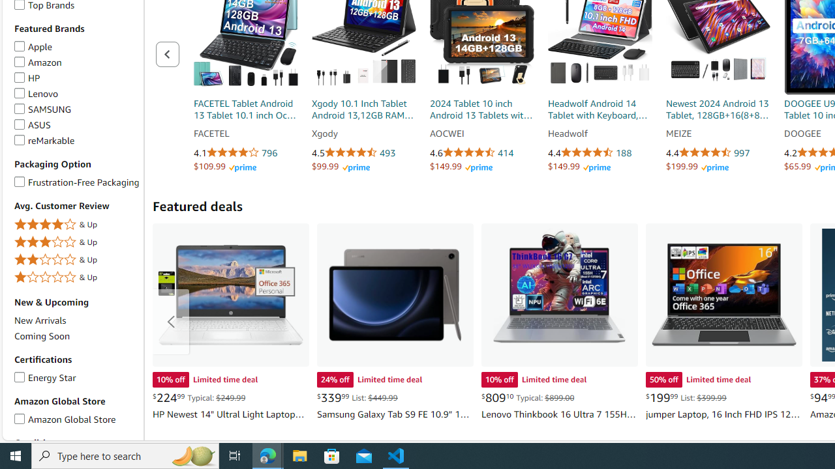 The height and width of the screenshot is (469, 835). I want to click on 'SAMSUNGSAMSUNG', so click(76, 108).